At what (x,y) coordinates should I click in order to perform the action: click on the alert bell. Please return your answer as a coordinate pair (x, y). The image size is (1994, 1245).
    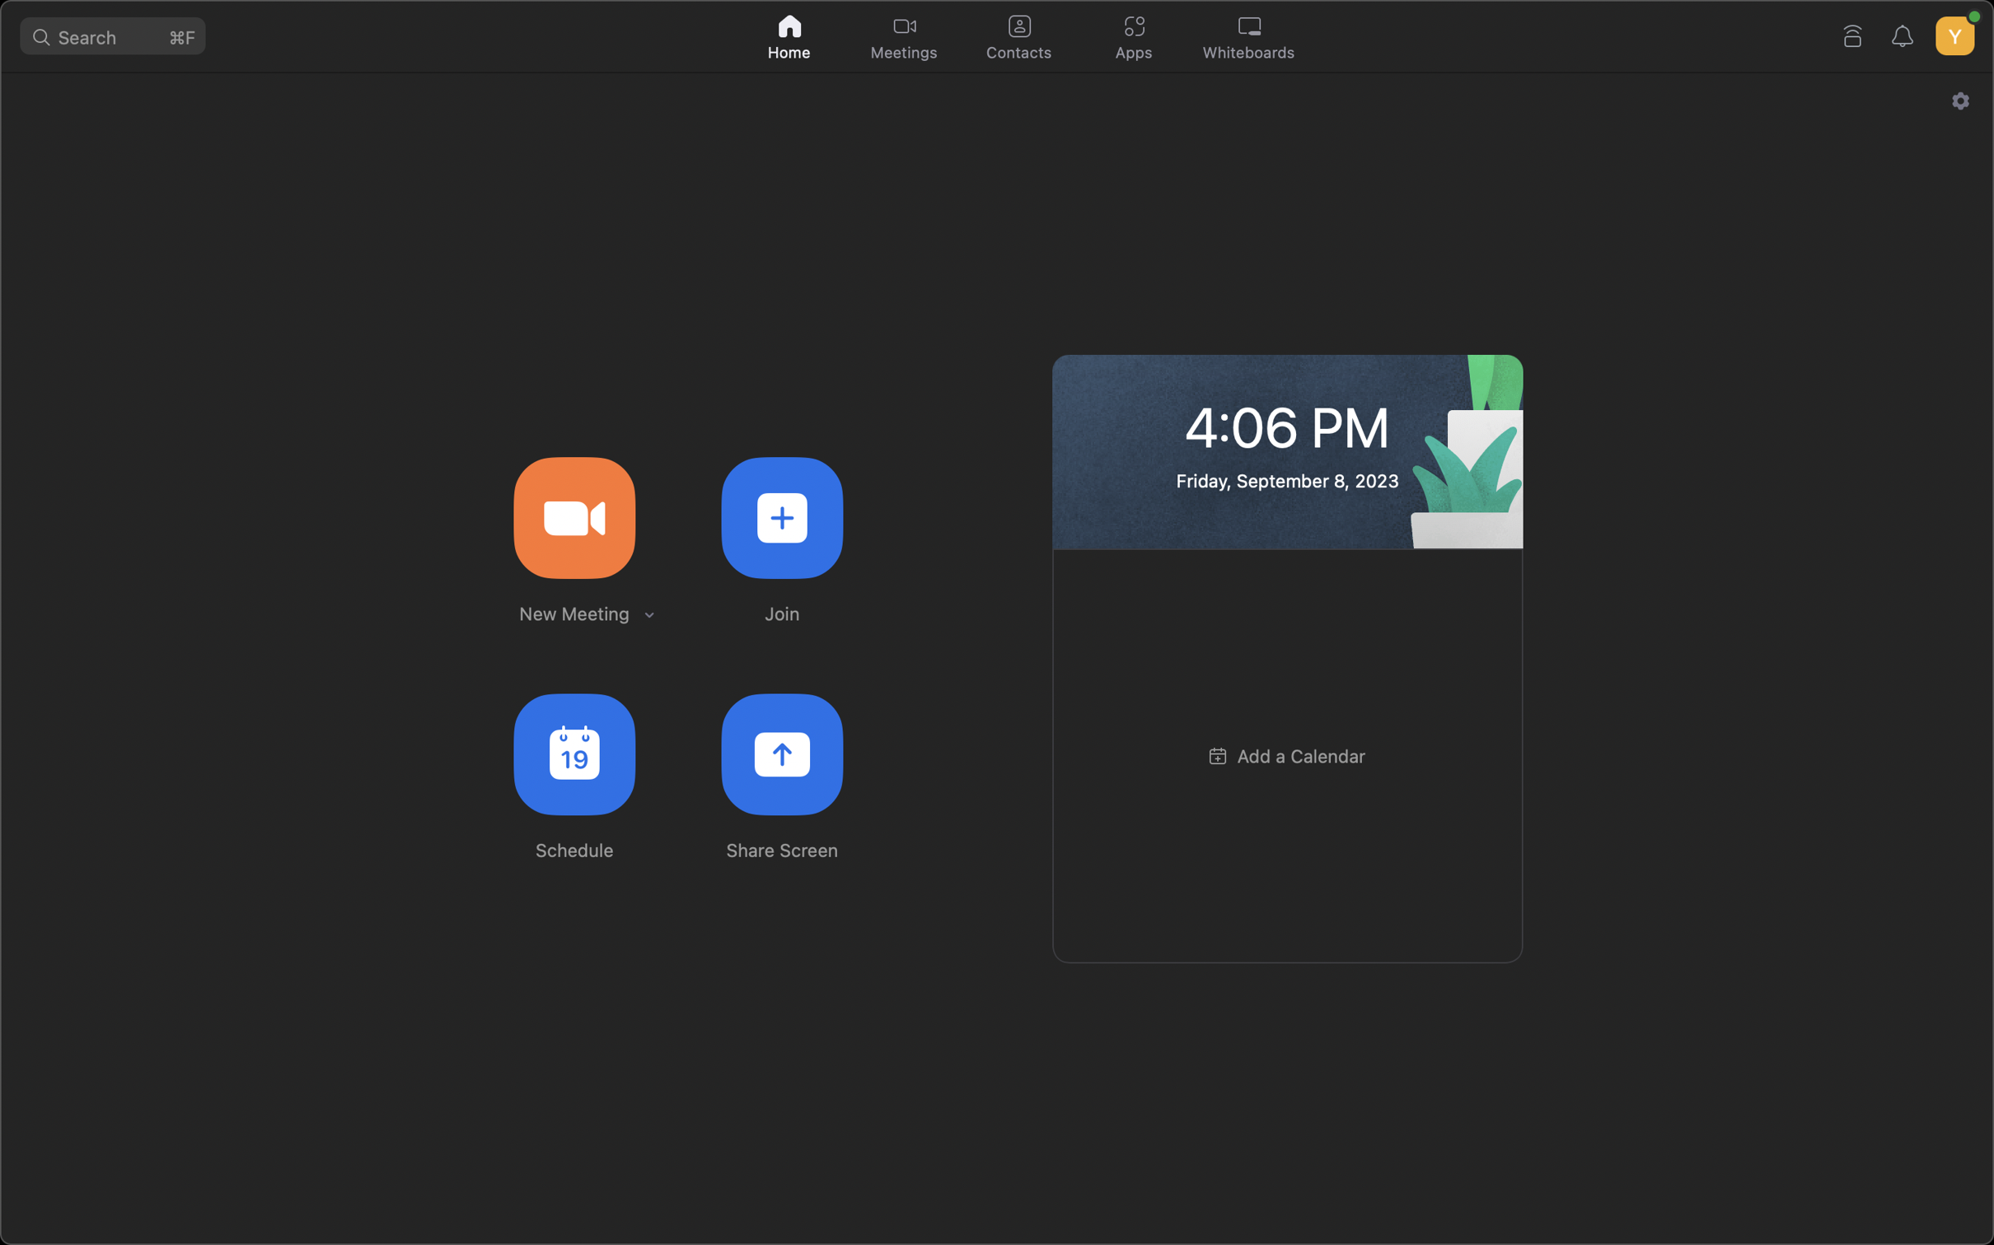
    Looking at the image, I should click on (1905, 34).